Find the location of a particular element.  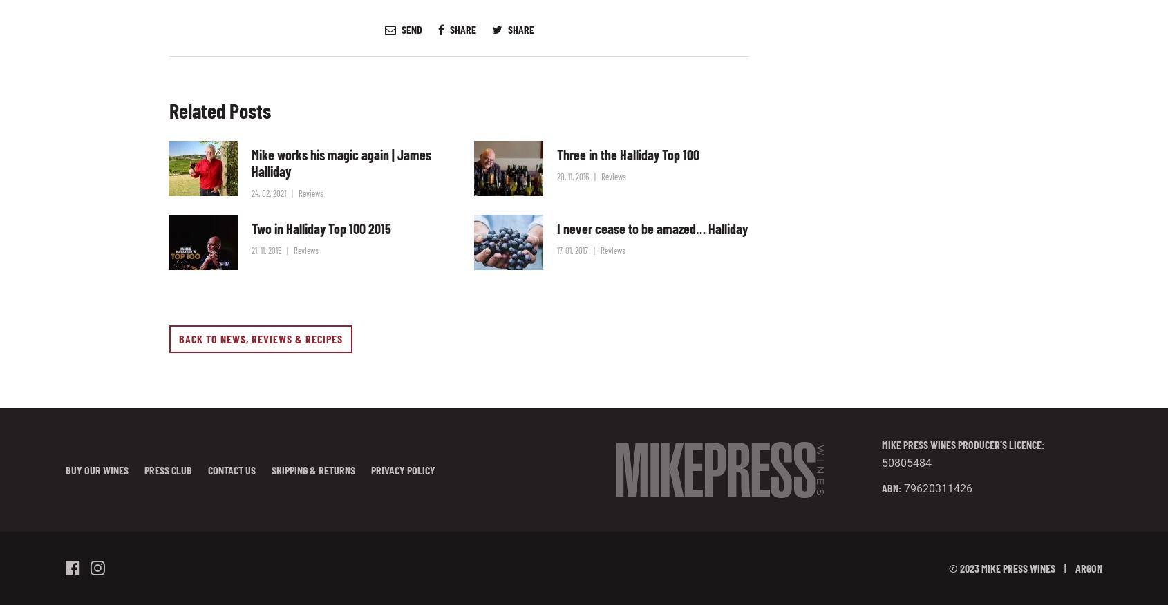

'79620311426' is located at coordinates (936, 487).